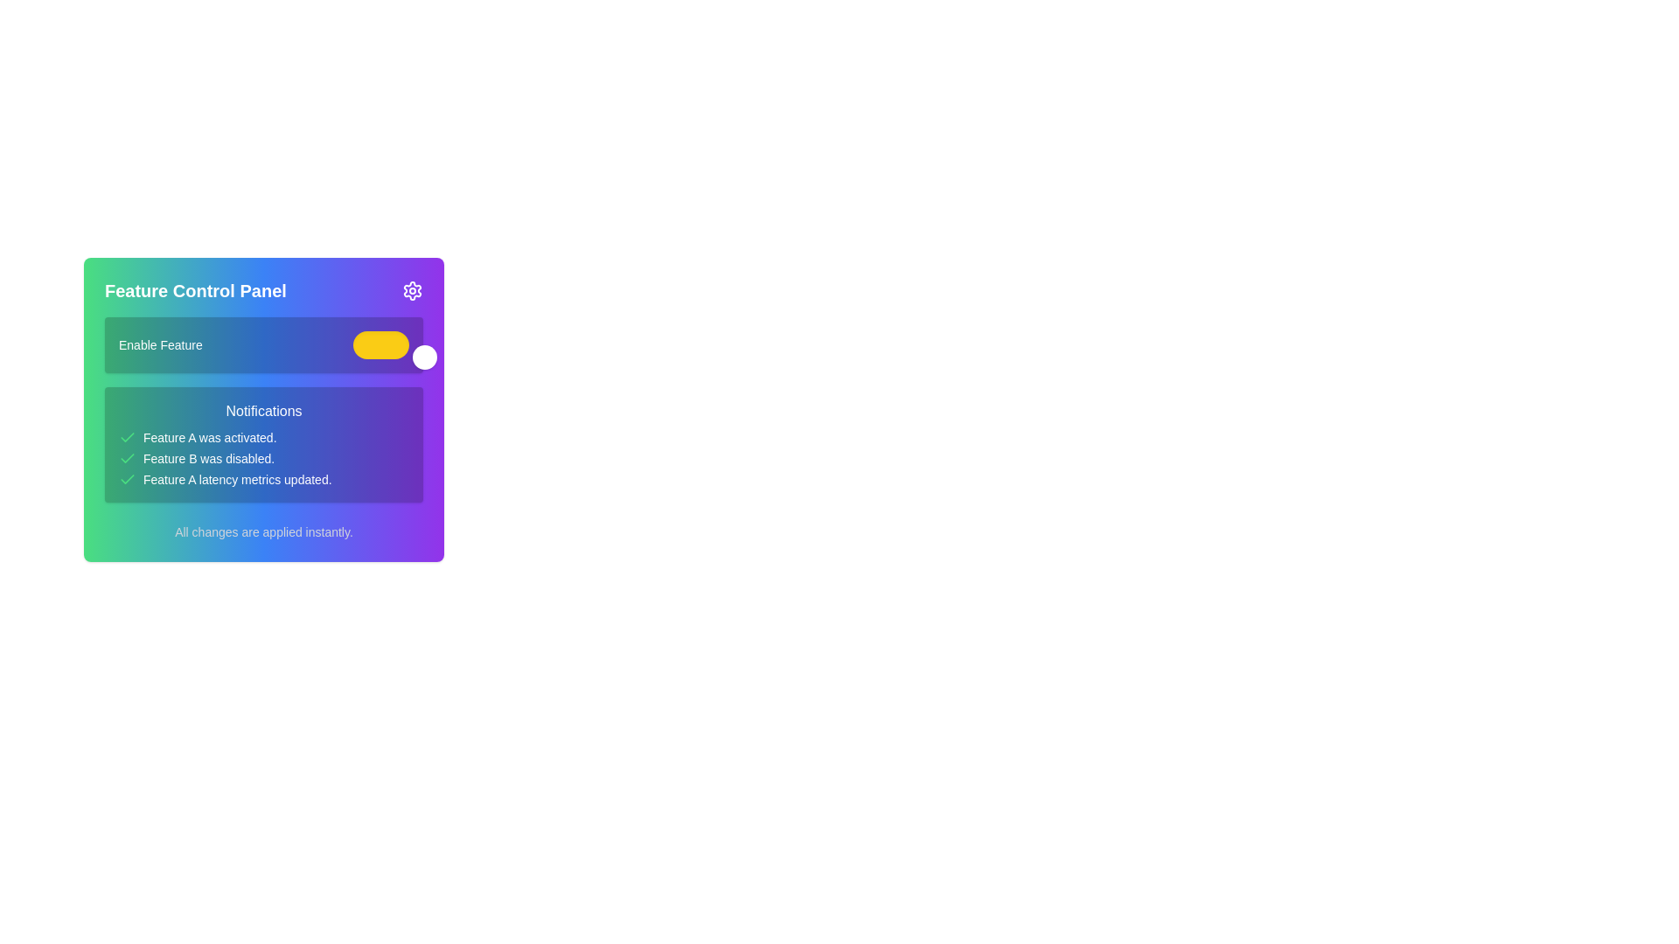 This screenshot has height=944, width=1679. I want to click on the notification text element that informs users about the completion of an update for Feature A's latency metrics, located in the Notifications section of the control panel, so click(263, 479).